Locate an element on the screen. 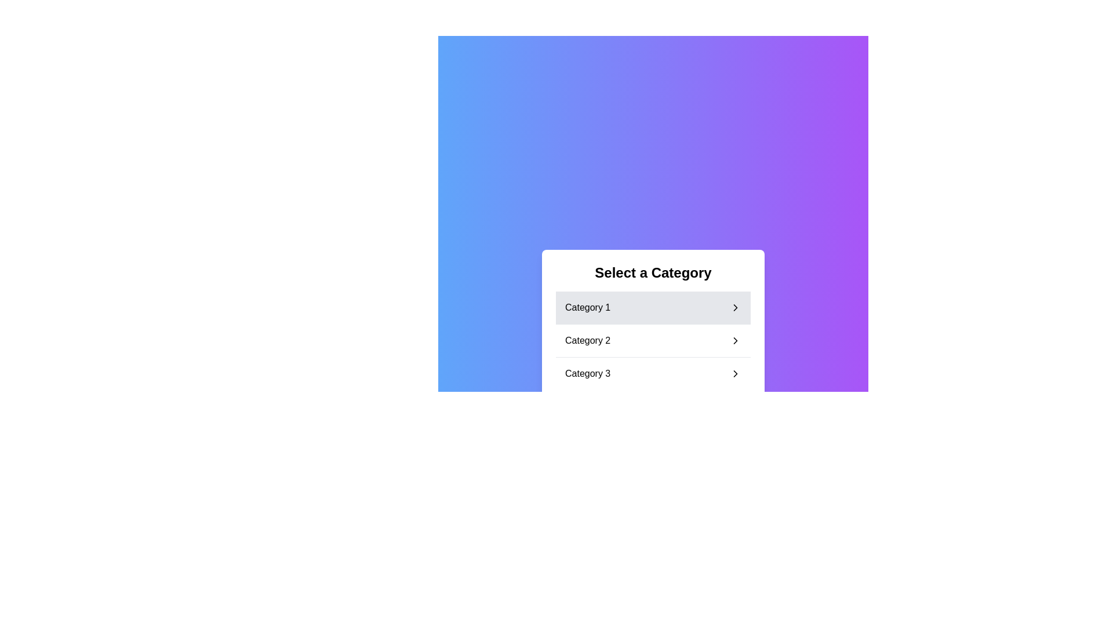 The image size is (1113, 626). the 'Category 2' text label is located at coordinates (588, 340).